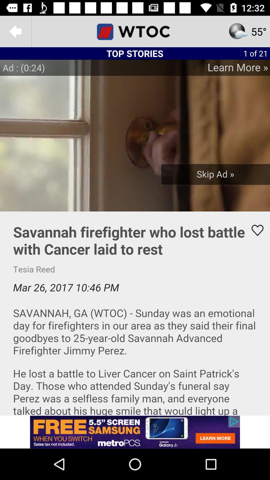 The height and width of the screenshot is (480, 270). What do you see at coordinates (135, 31) in the screenshot?
I see `television station licensed` at bounding box center [135, 31].